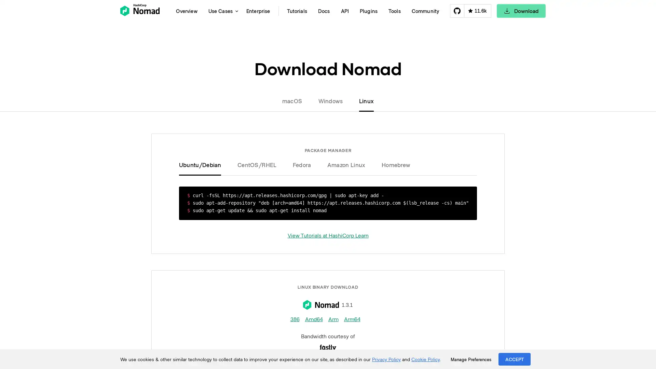 This screenshot has width=656, height=369. What do you see at coordinates (296, 100) in the screenshot?
I see `macOS` at bounding box center [296, 100].